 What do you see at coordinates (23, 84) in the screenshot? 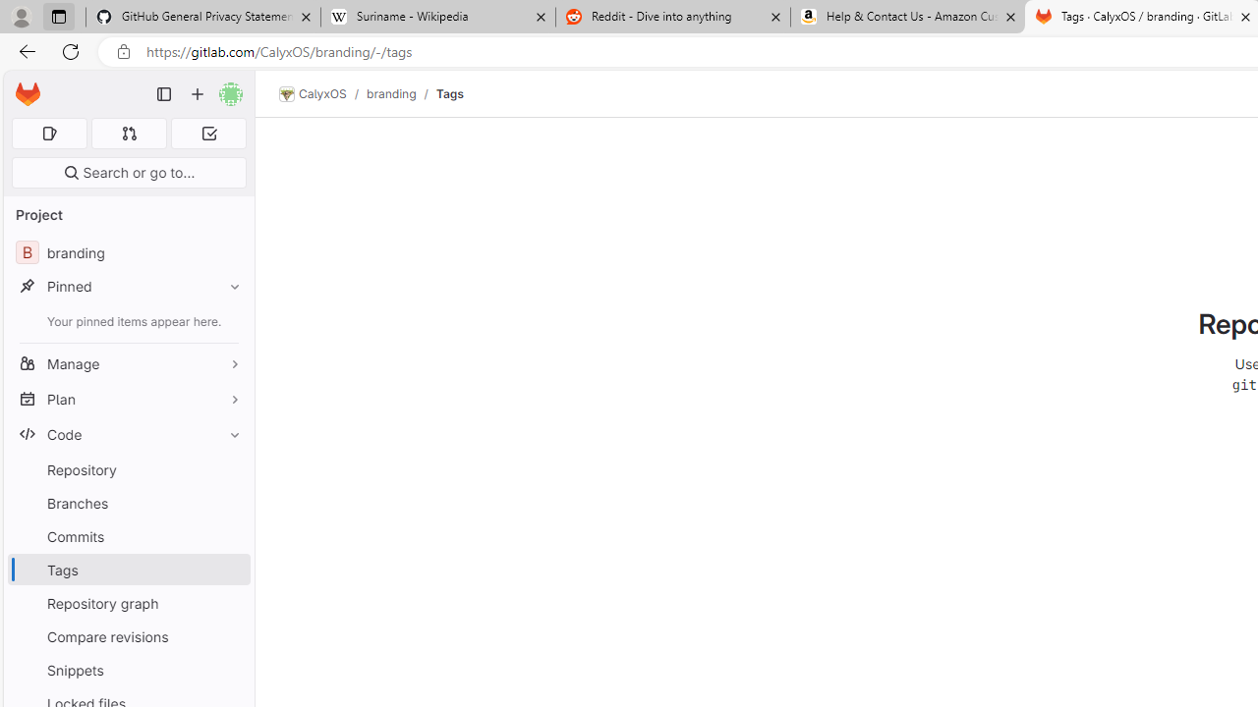
I see `'Skip to main content'` at bounding box center [23, 84].